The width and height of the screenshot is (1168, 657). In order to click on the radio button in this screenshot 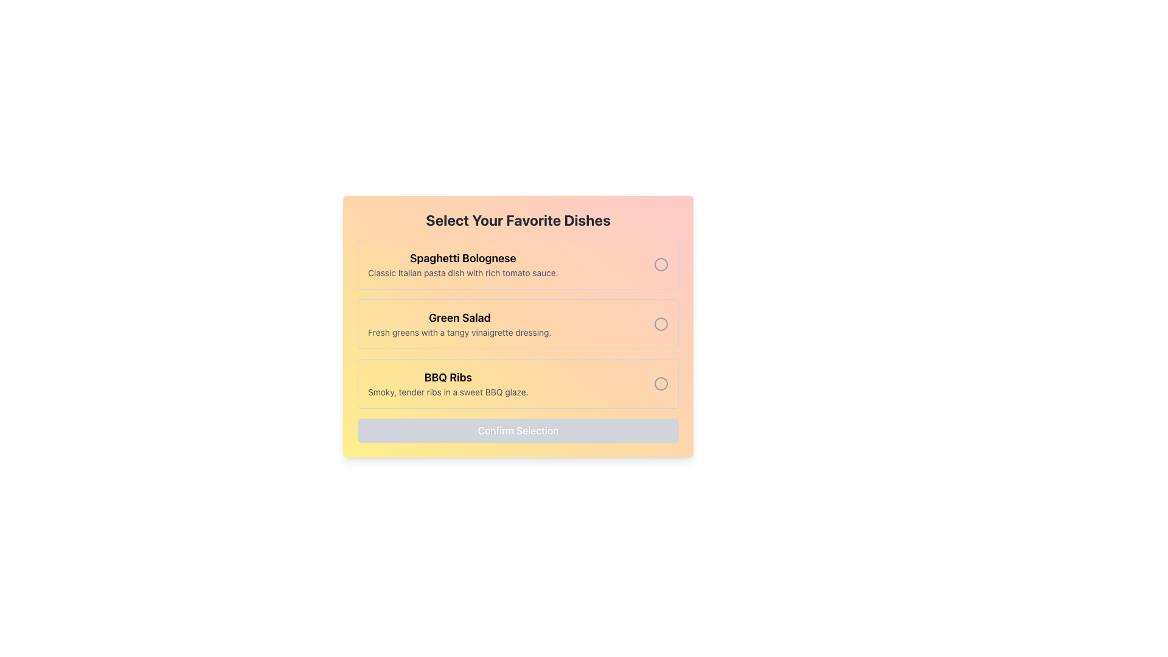, I will do `click(660, 384)`.